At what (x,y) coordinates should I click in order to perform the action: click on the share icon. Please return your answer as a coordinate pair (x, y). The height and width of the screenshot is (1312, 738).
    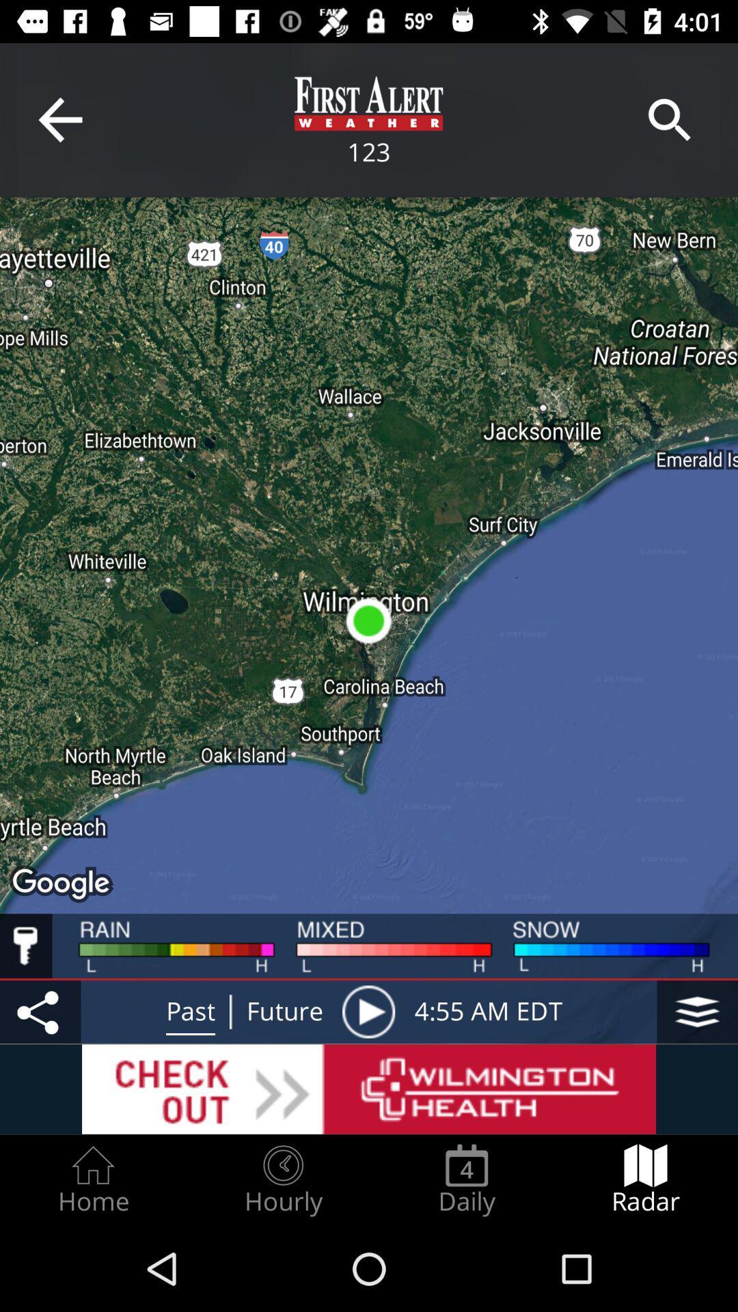
    Looking at the image, I should click on (40, 1011).